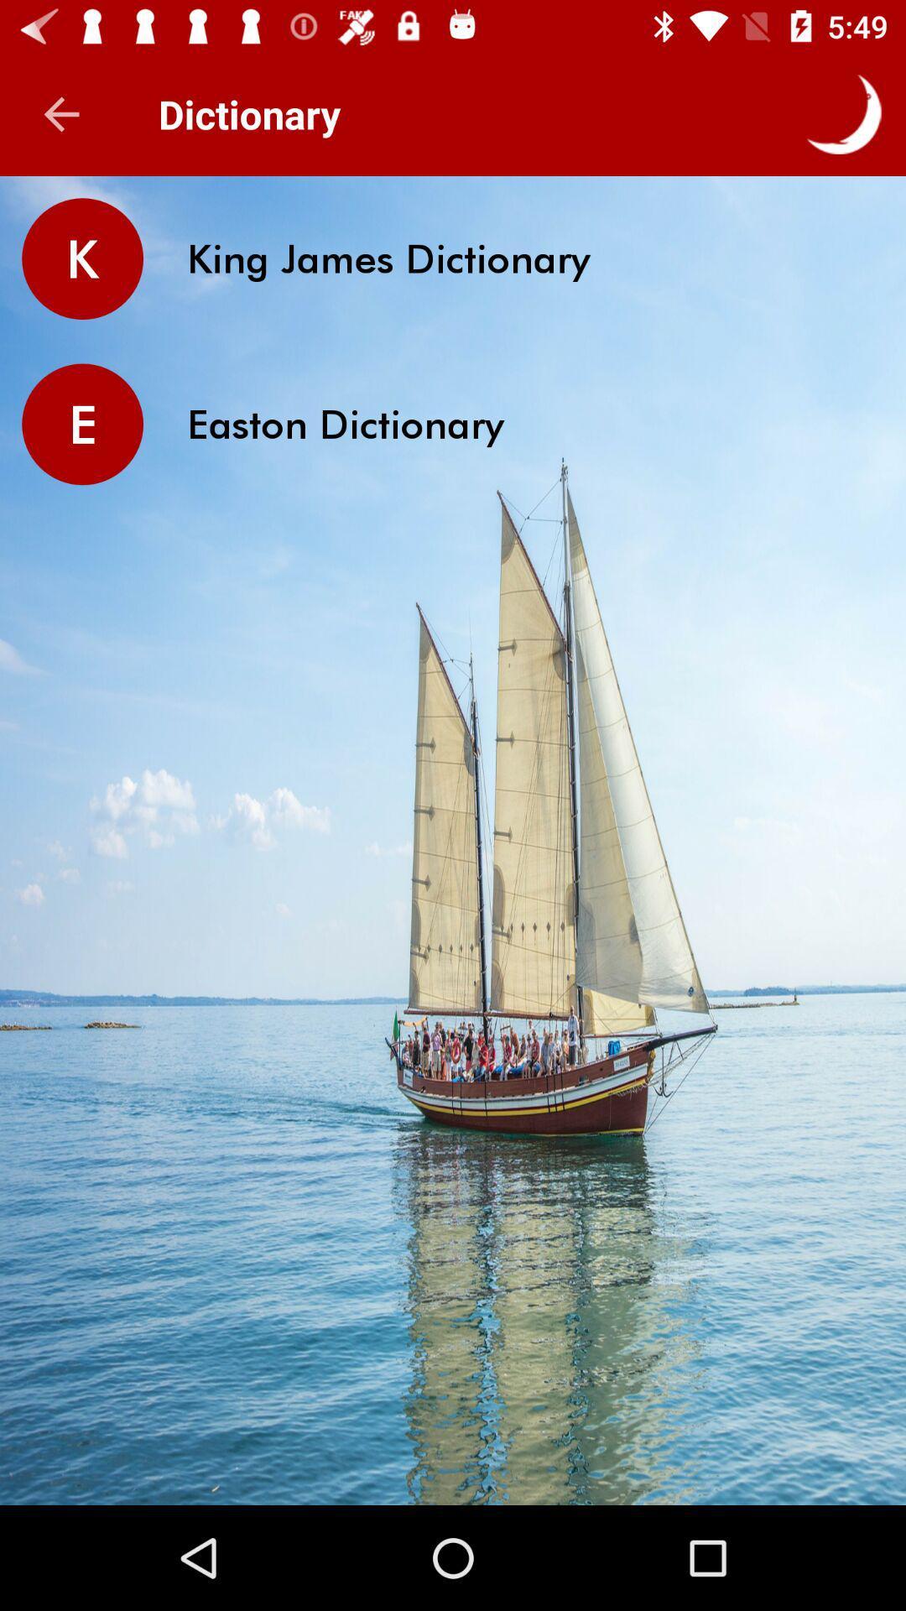 This screenshot has height=1611, width=906. I want to click on advertisement page, so click(453, 1449).